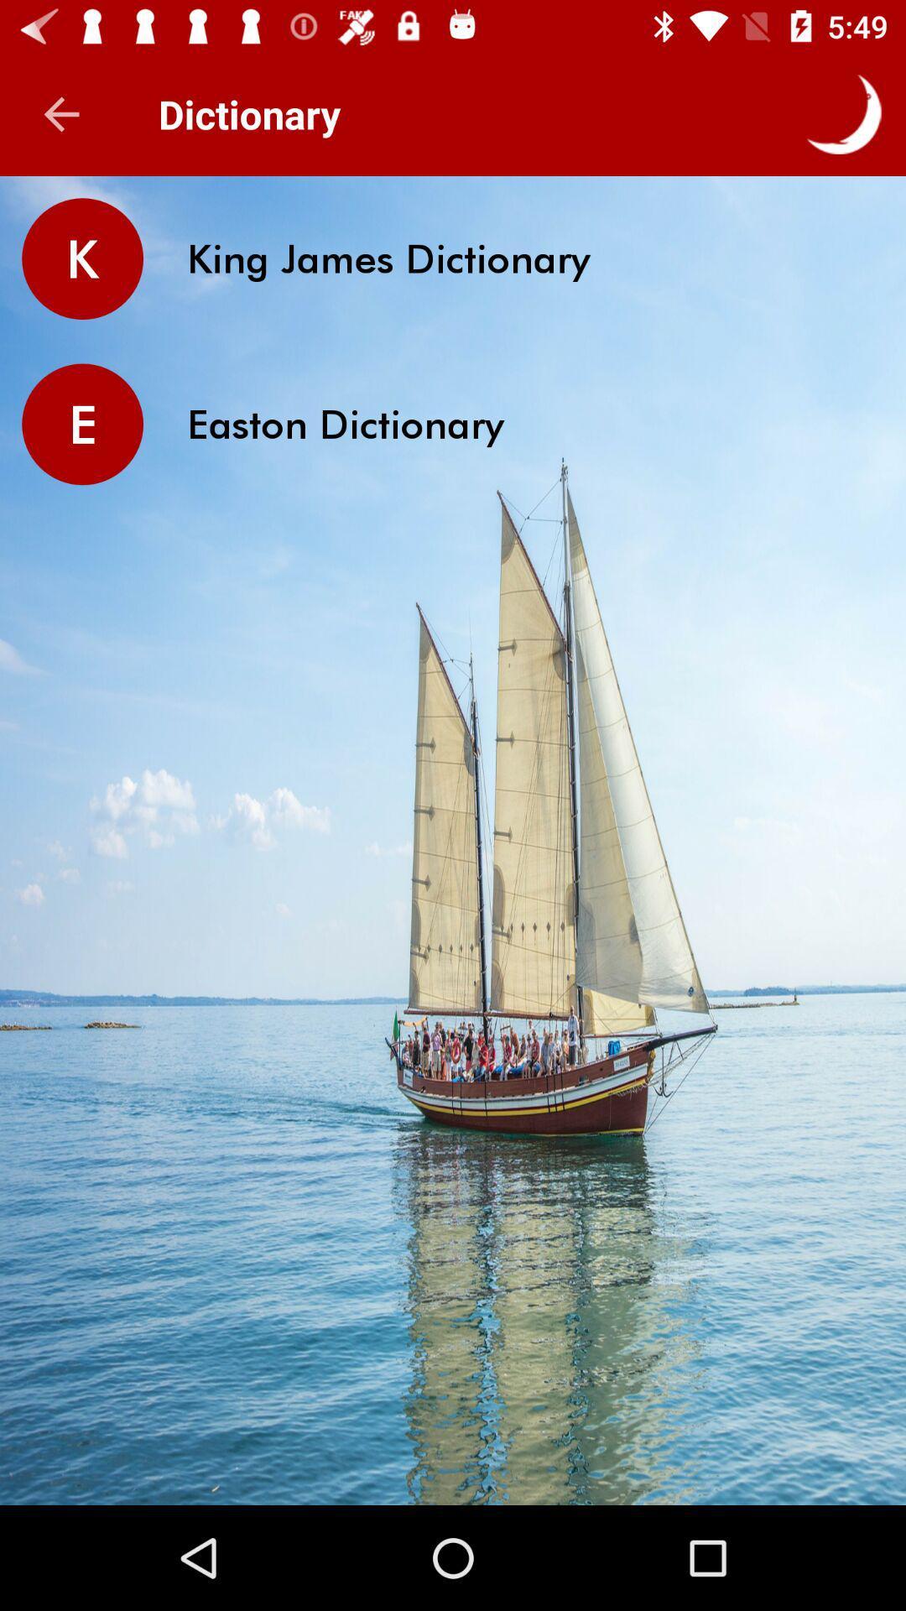 This screenshot has height=1611, width=906. I want to click on advertisement page, so click(453, 1449).